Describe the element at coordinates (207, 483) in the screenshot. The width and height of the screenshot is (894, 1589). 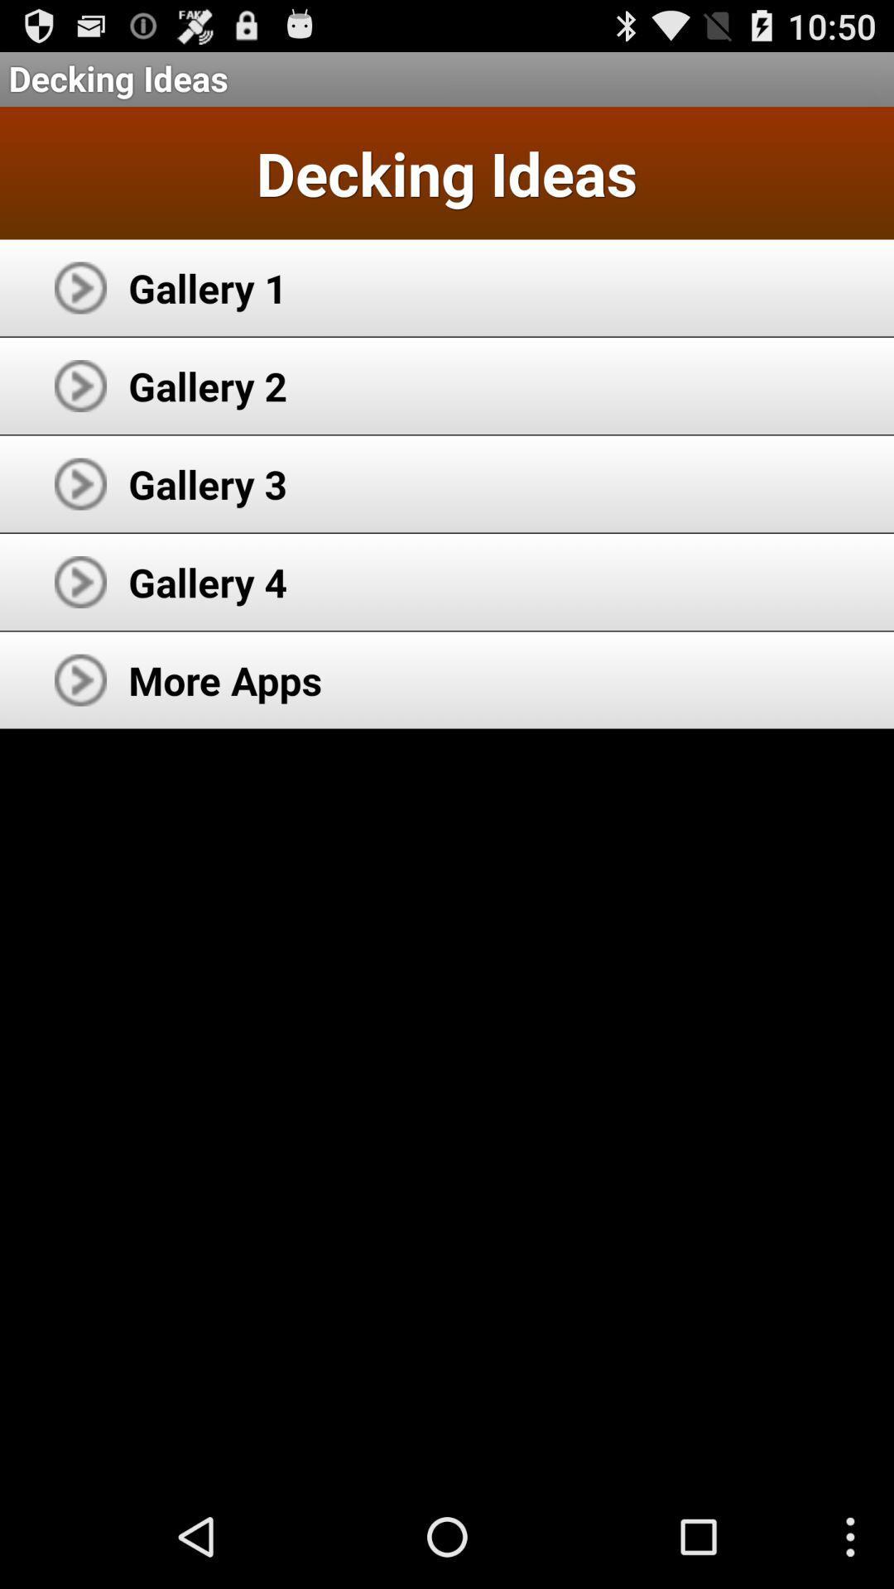
I see `the item below gallery 2 app` at that location.